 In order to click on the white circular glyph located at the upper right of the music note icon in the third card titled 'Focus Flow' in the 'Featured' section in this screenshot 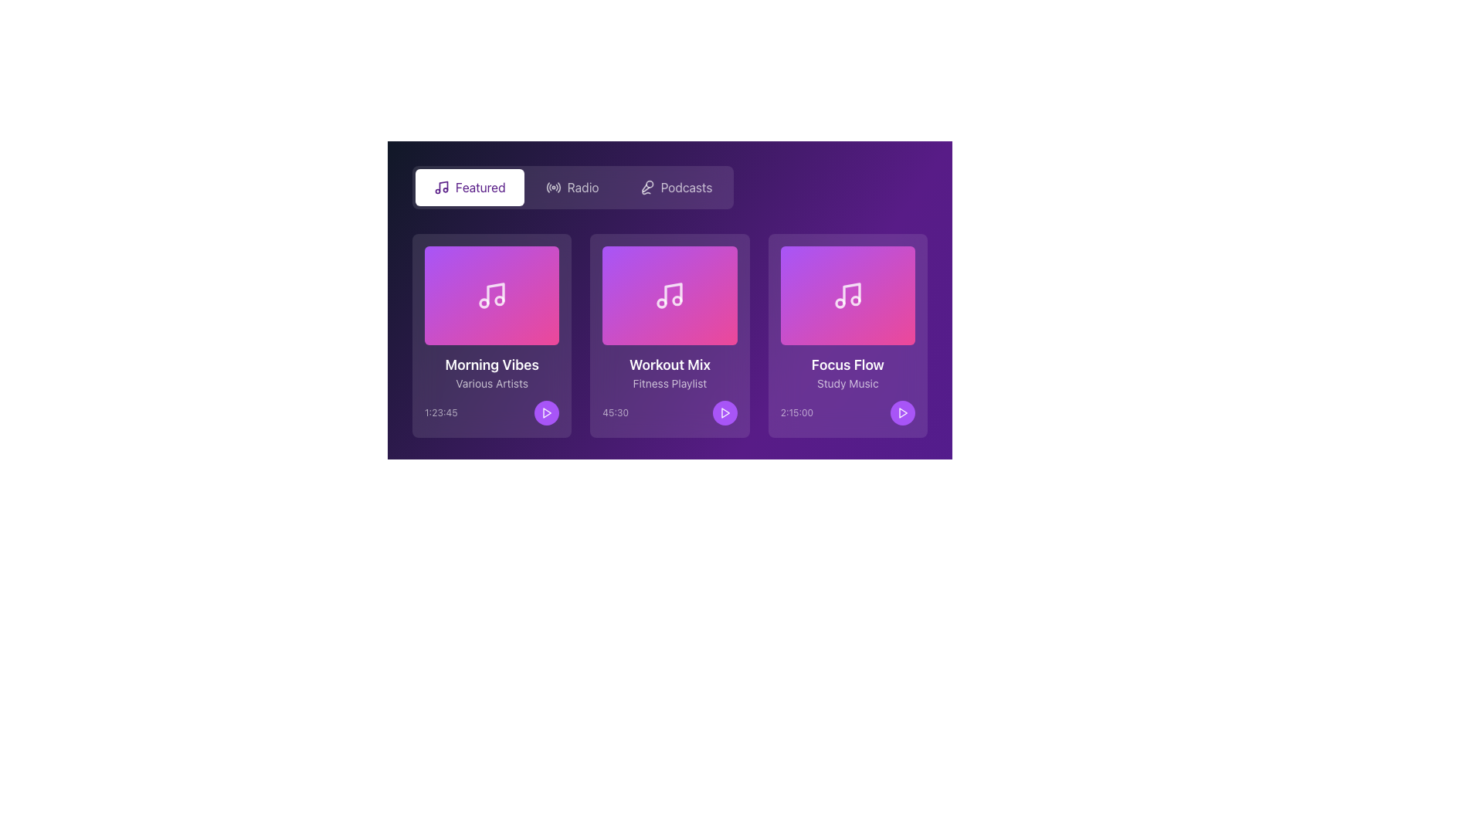, I will do `click(854, 300)`.